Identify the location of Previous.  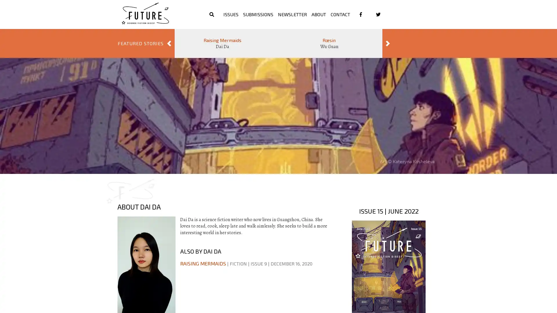
(169, 43).